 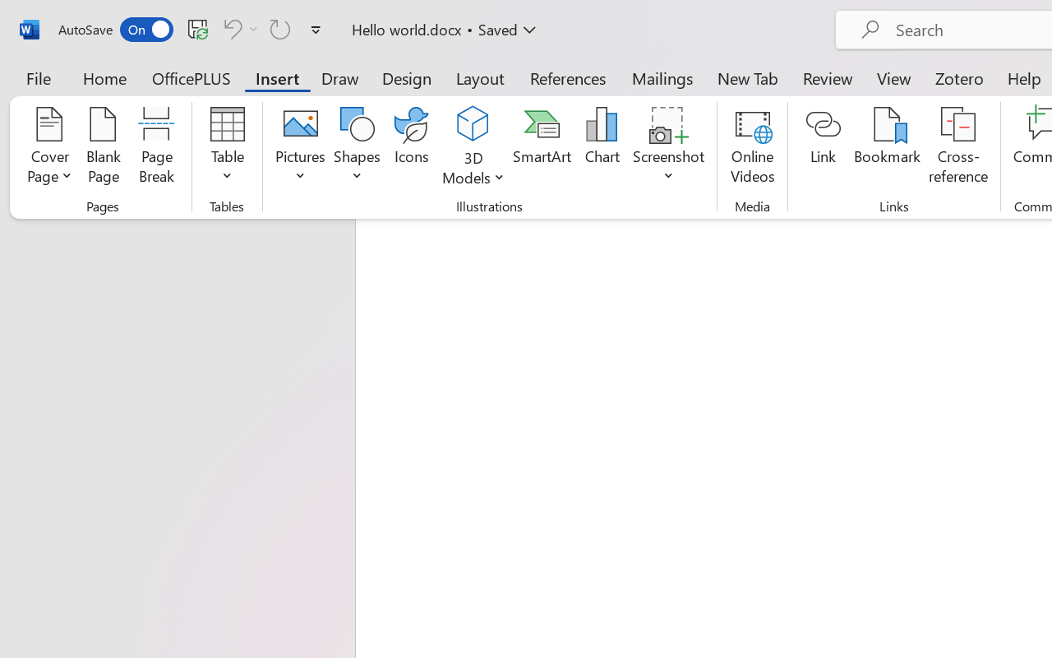 I want to click on 'Customize Quick Access Toolbar', so click(x=316, y=29).